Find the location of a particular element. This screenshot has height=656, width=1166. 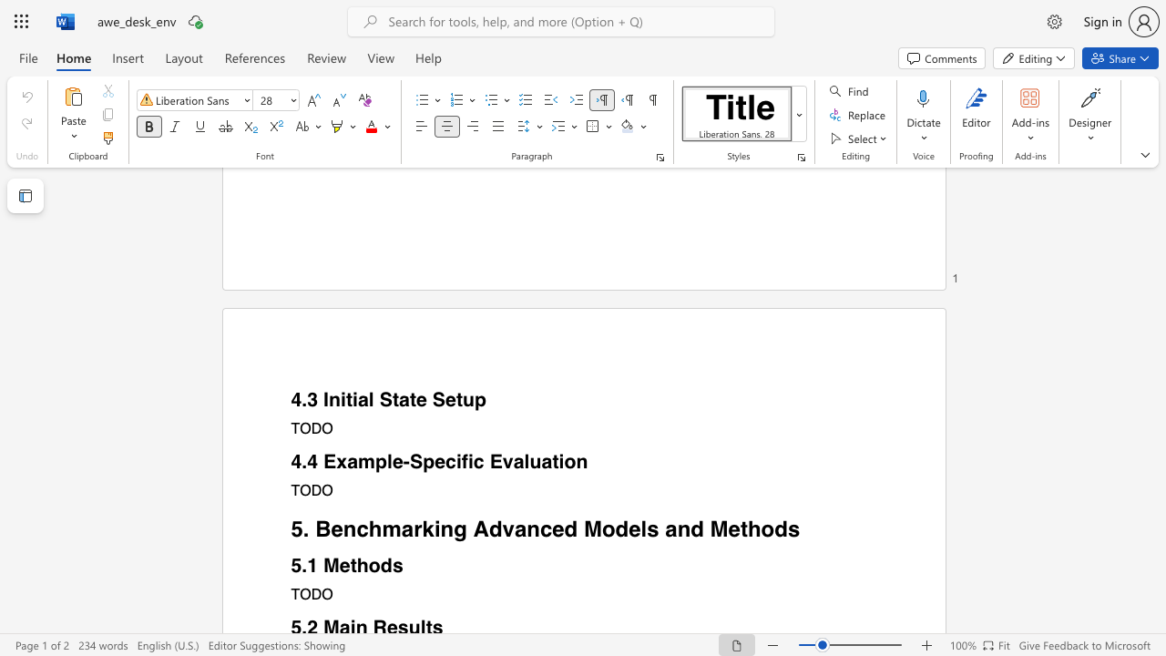

the subset text "Initi" within the text "4.3 Initial State Setup" is located at coordinates (323, 399).